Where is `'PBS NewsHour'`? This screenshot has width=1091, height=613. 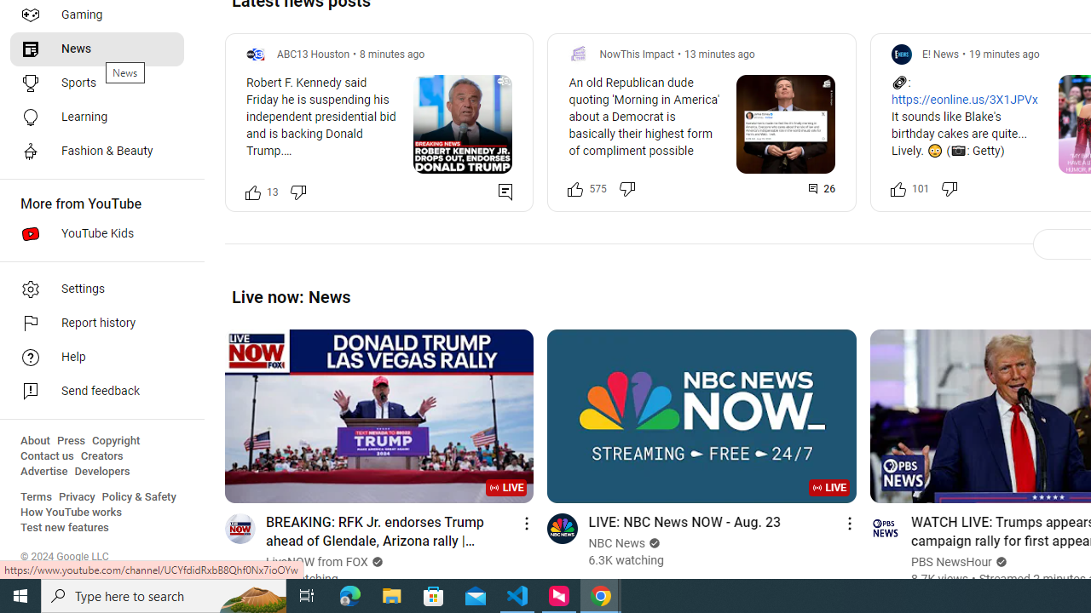 'PBS NewsHour' is located at coordinates (950, 562).